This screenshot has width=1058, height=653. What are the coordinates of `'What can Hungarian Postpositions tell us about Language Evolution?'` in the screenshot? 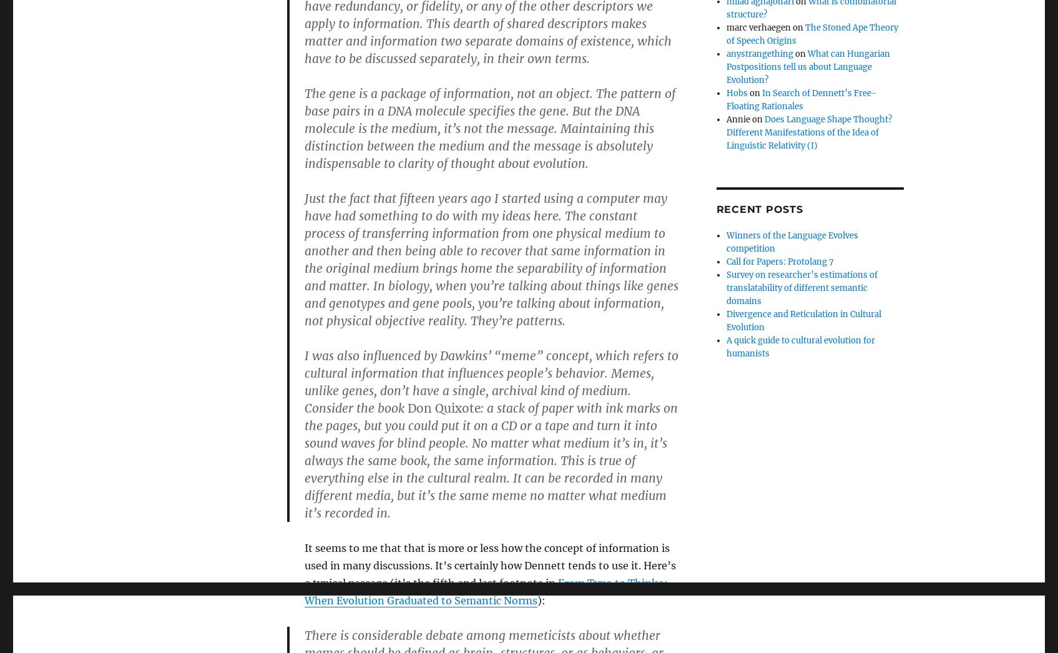 It's located at (806, 66).